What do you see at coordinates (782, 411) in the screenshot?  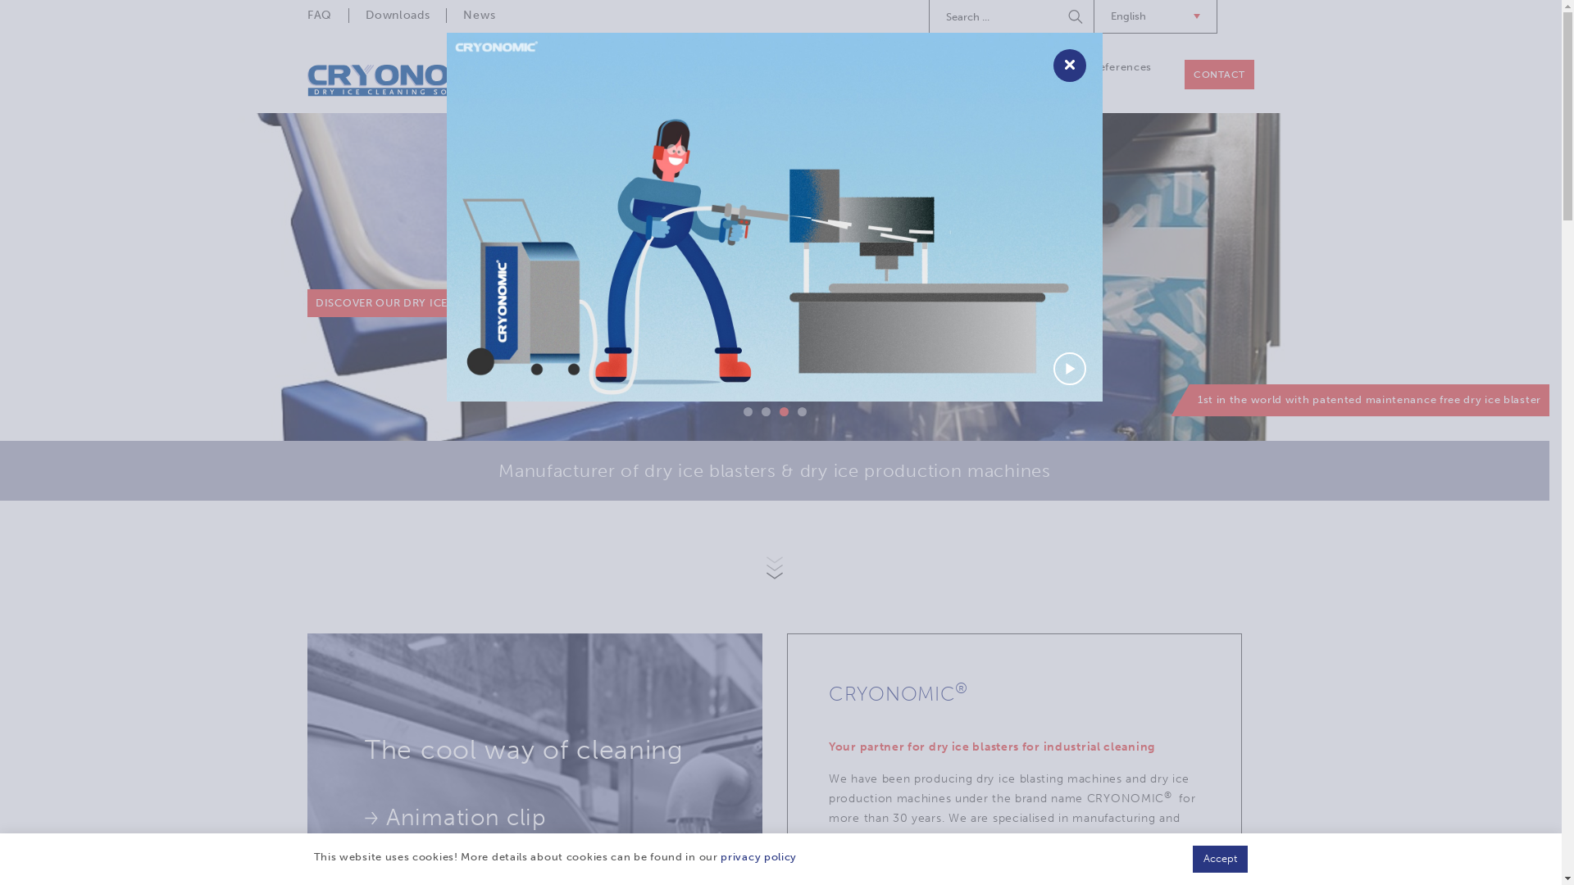 I see `'3'` at bounding box center [782, 411].